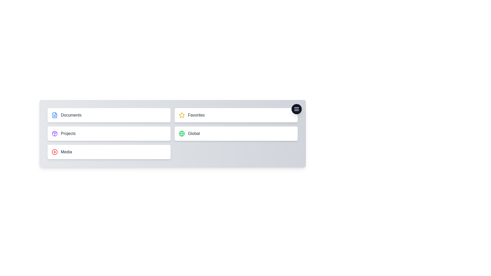 This screenshot has height=276, width=491. What do you see at coordinates (109, 133) in the screenshot?
I see `the menu item labeled Projects` at bounding box center [109, 133].